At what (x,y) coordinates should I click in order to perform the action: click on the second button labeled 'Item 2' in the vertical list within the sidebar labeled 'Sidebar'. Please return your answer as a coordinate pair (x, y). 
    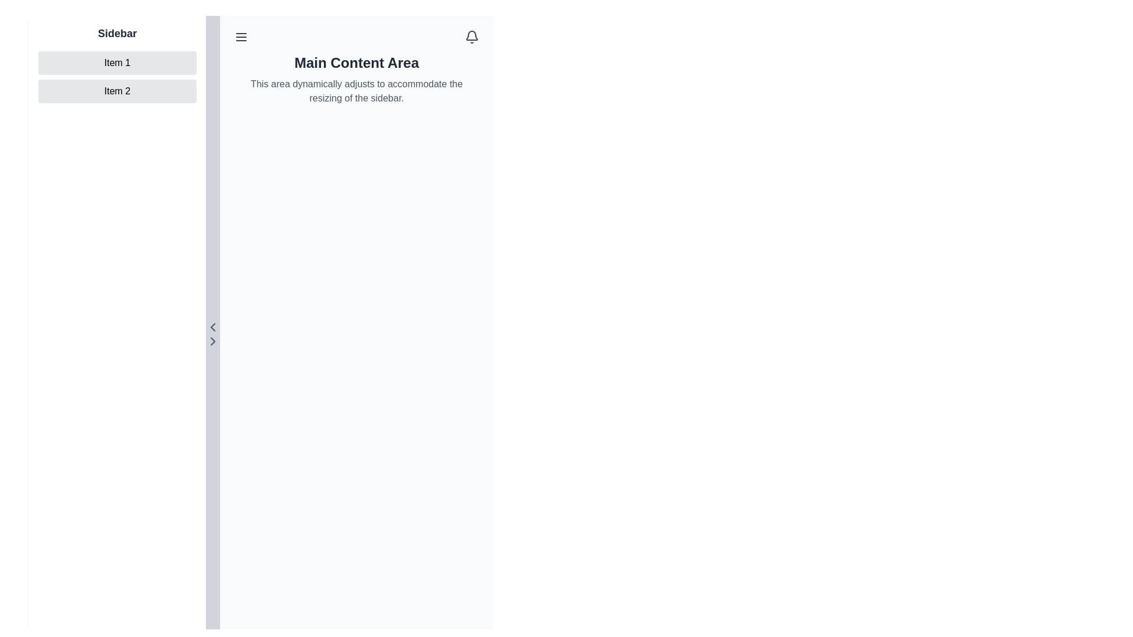
    Looking at the image, I should click on (117, 77).